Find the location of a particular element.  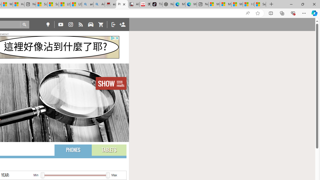

'Show' is located at coordinates (111, 83).